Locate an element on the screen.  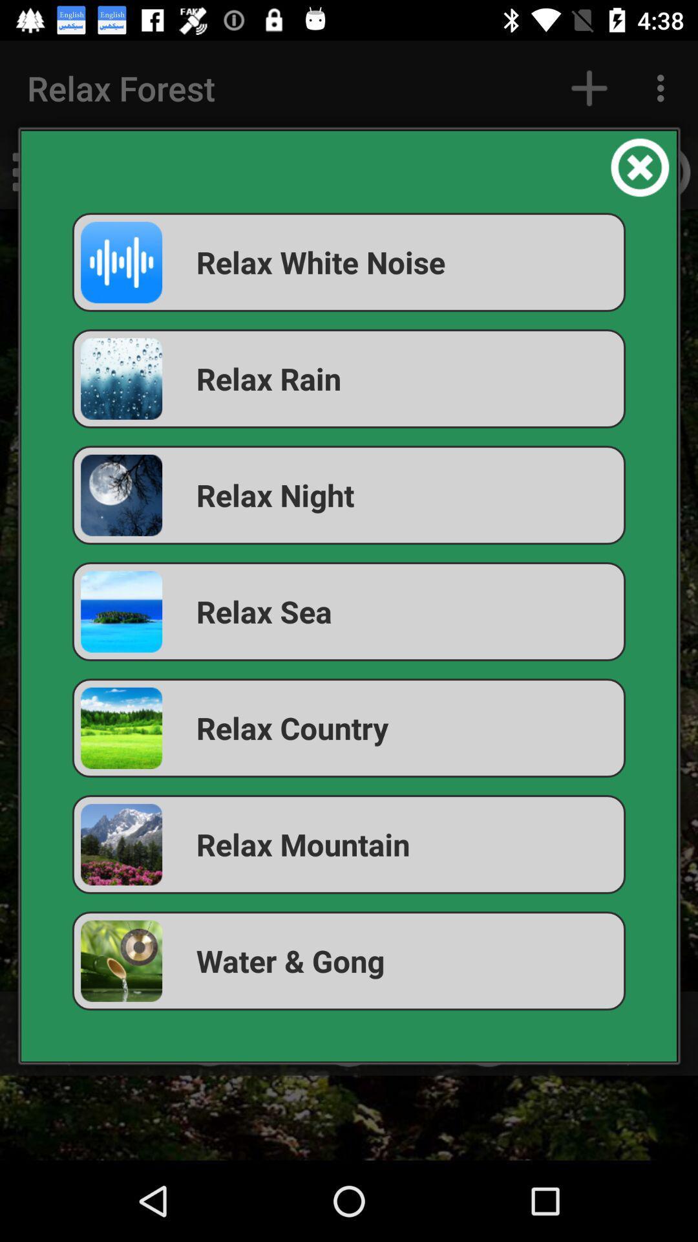
the item at the top right corner is located at coordinates (640, 167).